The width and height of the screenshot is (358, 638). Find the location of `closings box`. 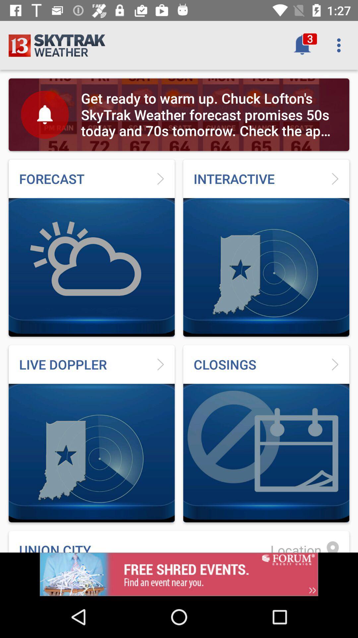

closings box is located at coordinates (266, 434).